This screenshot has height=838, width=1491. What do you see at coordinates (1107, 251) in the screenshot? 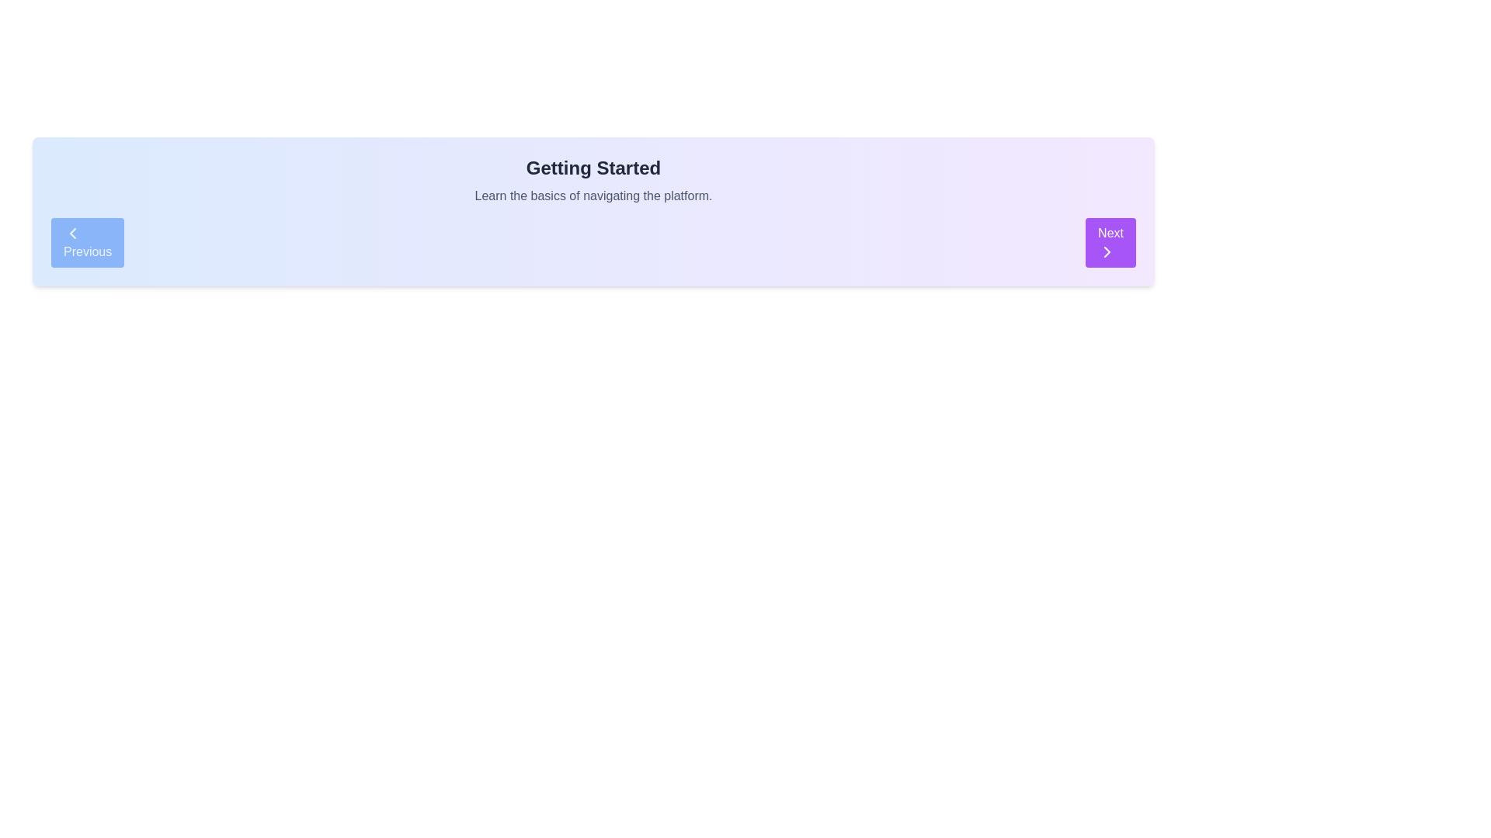
I see `the right-facing chevron icon within the 'Next' button, which is styled as a navigation icon` at bounding box center [1107, 251].